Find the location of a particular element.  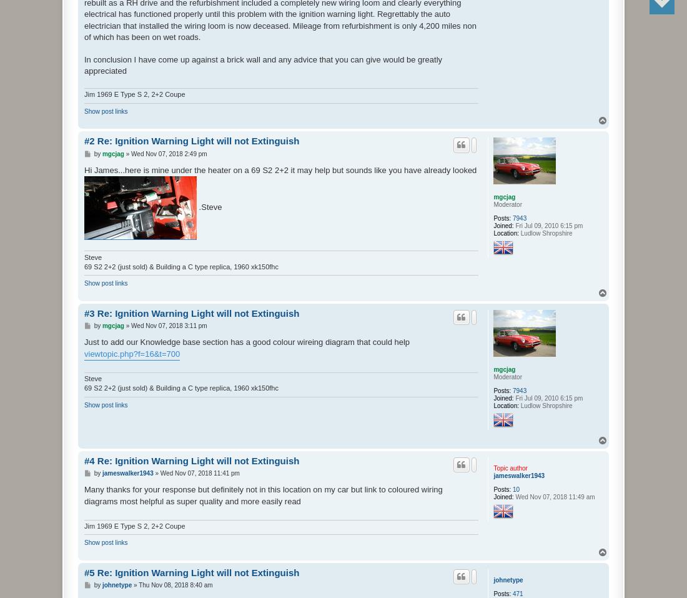

'Hi James...here is mine under the heater on a 69 S2 2+2 it may help but sounds like you have already looked' is located at coordinates (280, 169).